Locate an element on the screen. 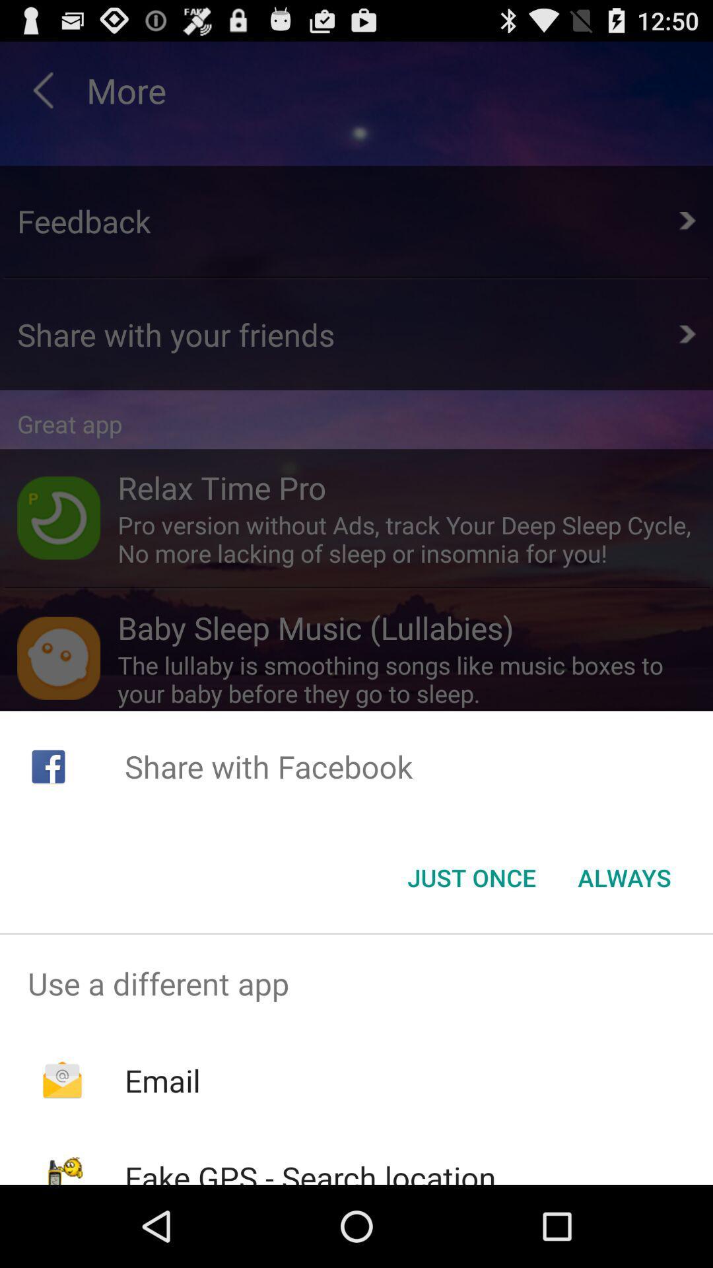 The image size is (713, 1268). the always button is located at coordinates (624, 878).